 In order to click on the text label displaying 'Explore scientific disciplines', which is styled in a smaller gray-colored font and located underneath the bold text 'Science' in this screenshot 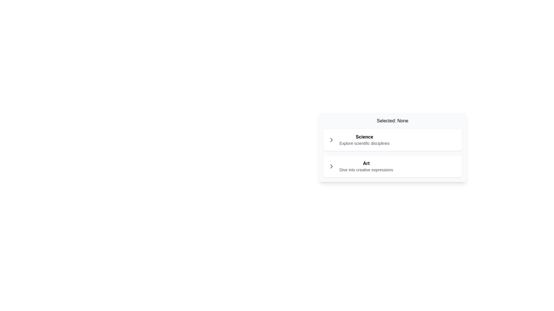, I will do `click(364, 143)`.